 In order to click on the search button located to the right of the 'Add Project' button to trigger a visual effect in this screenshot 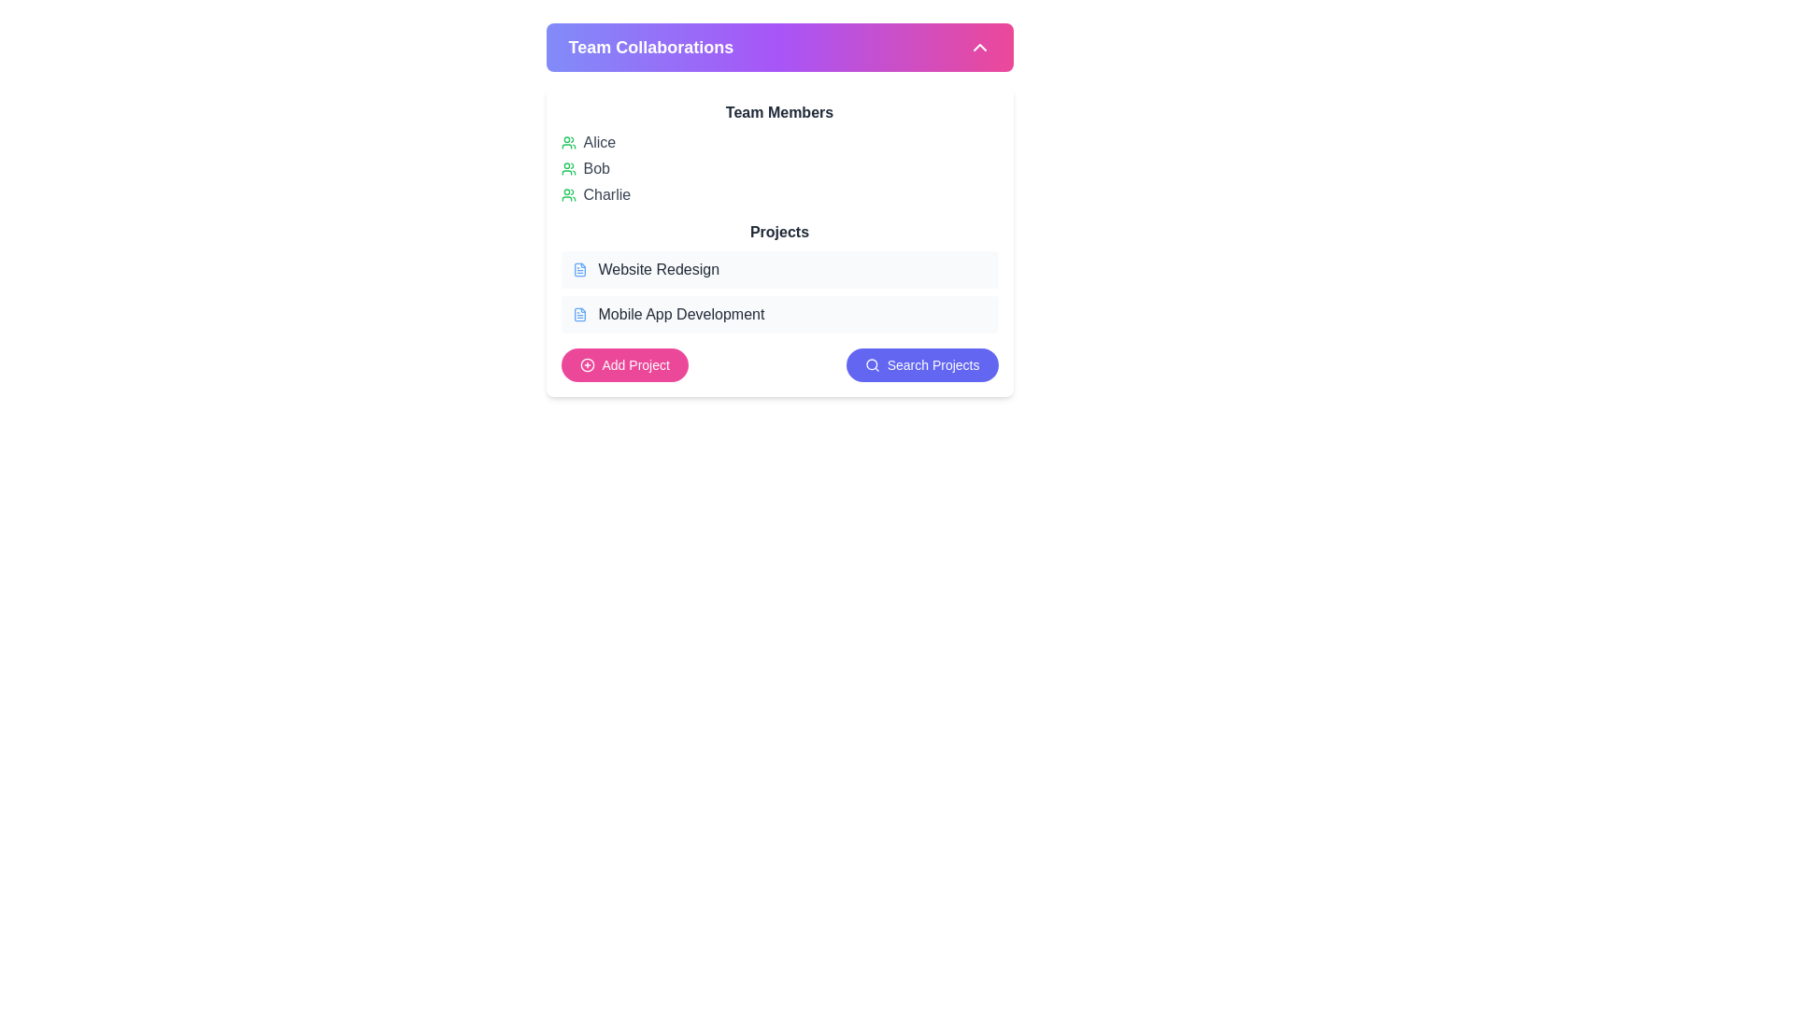, I will do `click(922, 364)`.